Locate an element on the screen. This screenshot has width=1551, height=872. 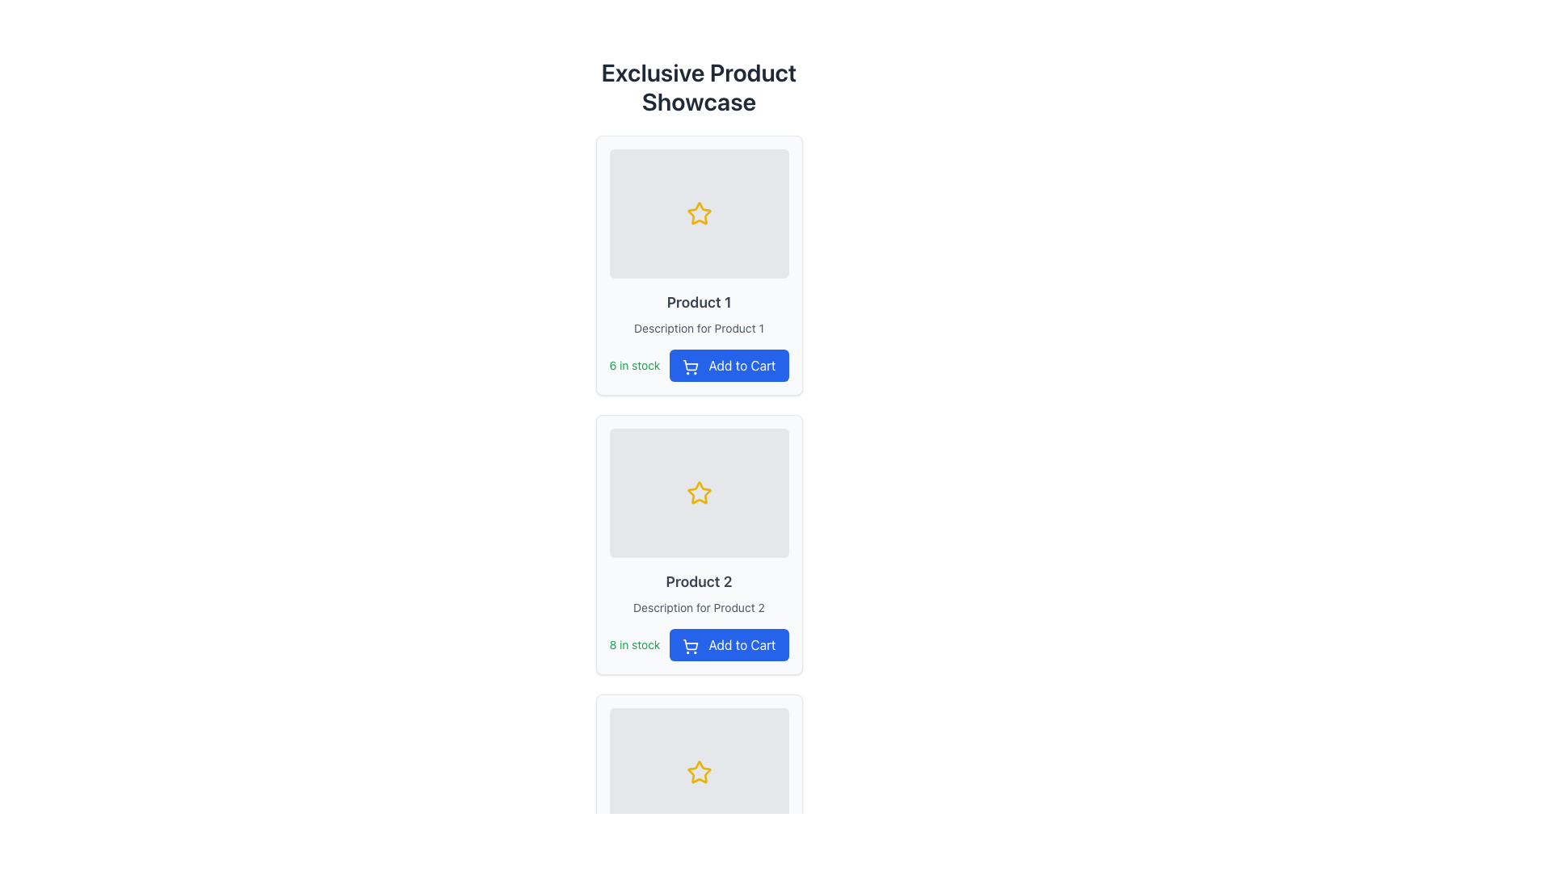
the stock availability text label located in the second product card, positioned to the left of the 'Add to Cart' button is located at coordinates (633, 644).